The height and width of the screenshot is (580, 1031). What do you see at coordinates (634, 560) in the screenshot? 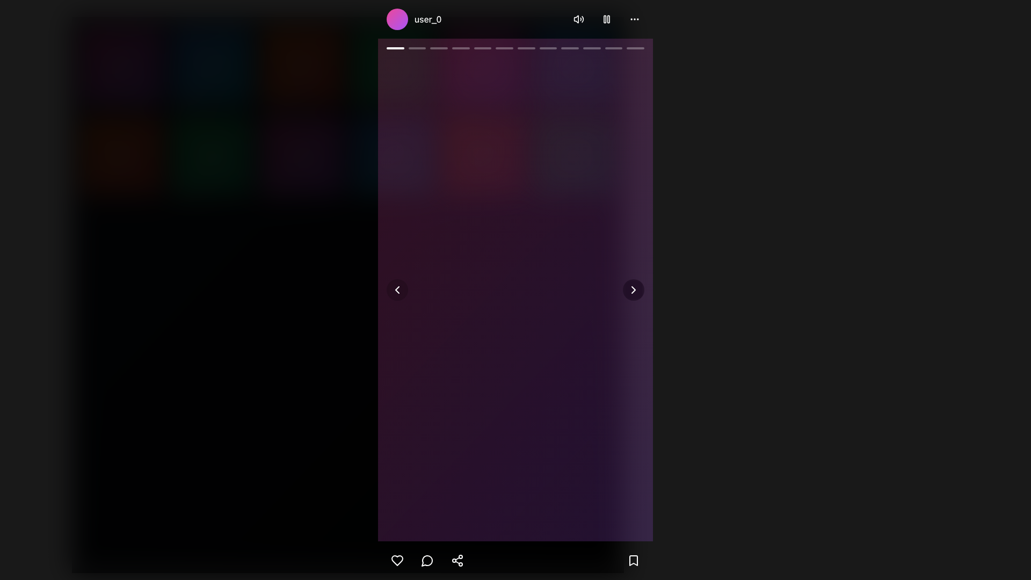
I see `the circular button with a bookmark icon located at the far right of the bottom navigation bar for additional options` at bounding box center [634, 560].